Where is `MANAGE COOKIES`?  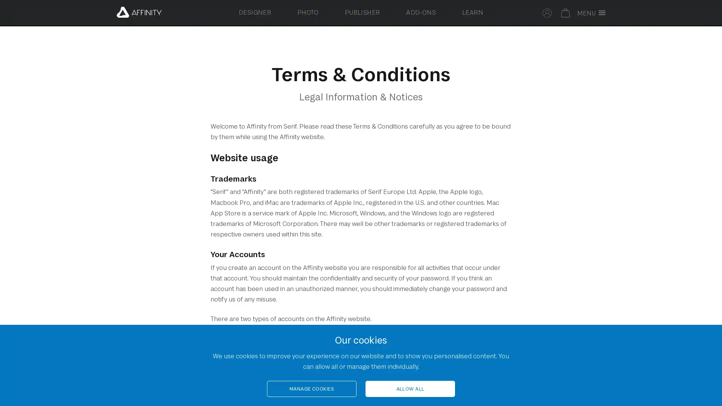
MANAGE COOKIES is located at coordinates (312, 389).